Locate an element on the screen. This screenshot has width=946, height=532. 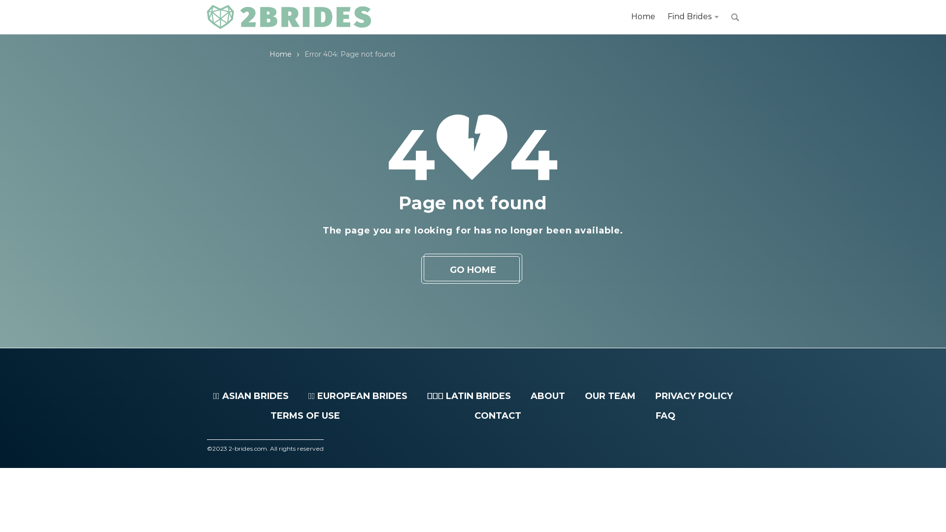
'ABOUT' is located at coordinates (530, 395).